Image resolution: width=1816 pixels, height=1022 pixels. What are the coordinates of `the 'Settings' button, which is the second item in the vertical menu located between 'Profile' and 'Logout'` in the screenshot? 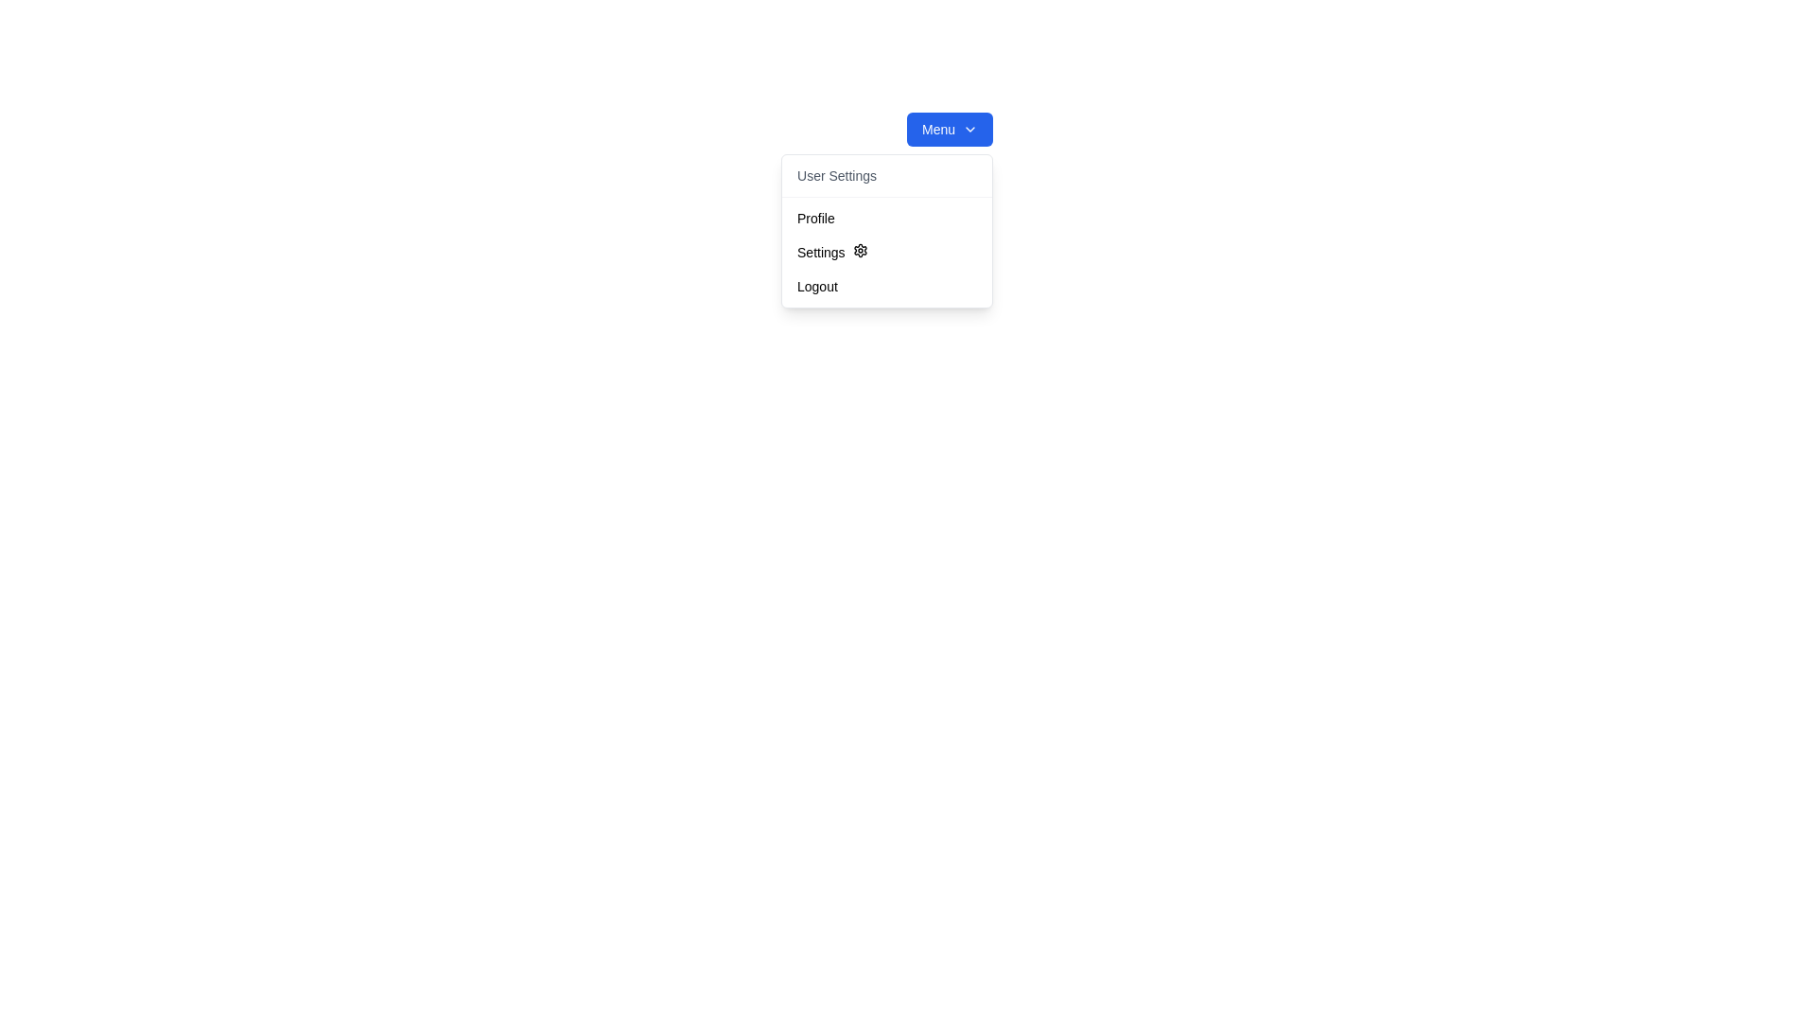 It's located at (885, 251).